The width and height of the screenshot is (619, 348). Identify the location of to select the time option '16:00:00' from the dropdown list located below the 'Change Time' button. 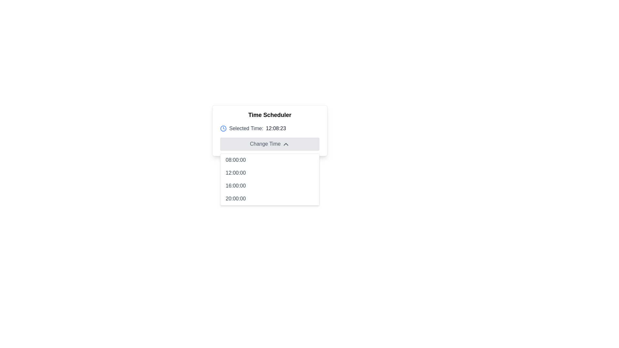
(270, 185).